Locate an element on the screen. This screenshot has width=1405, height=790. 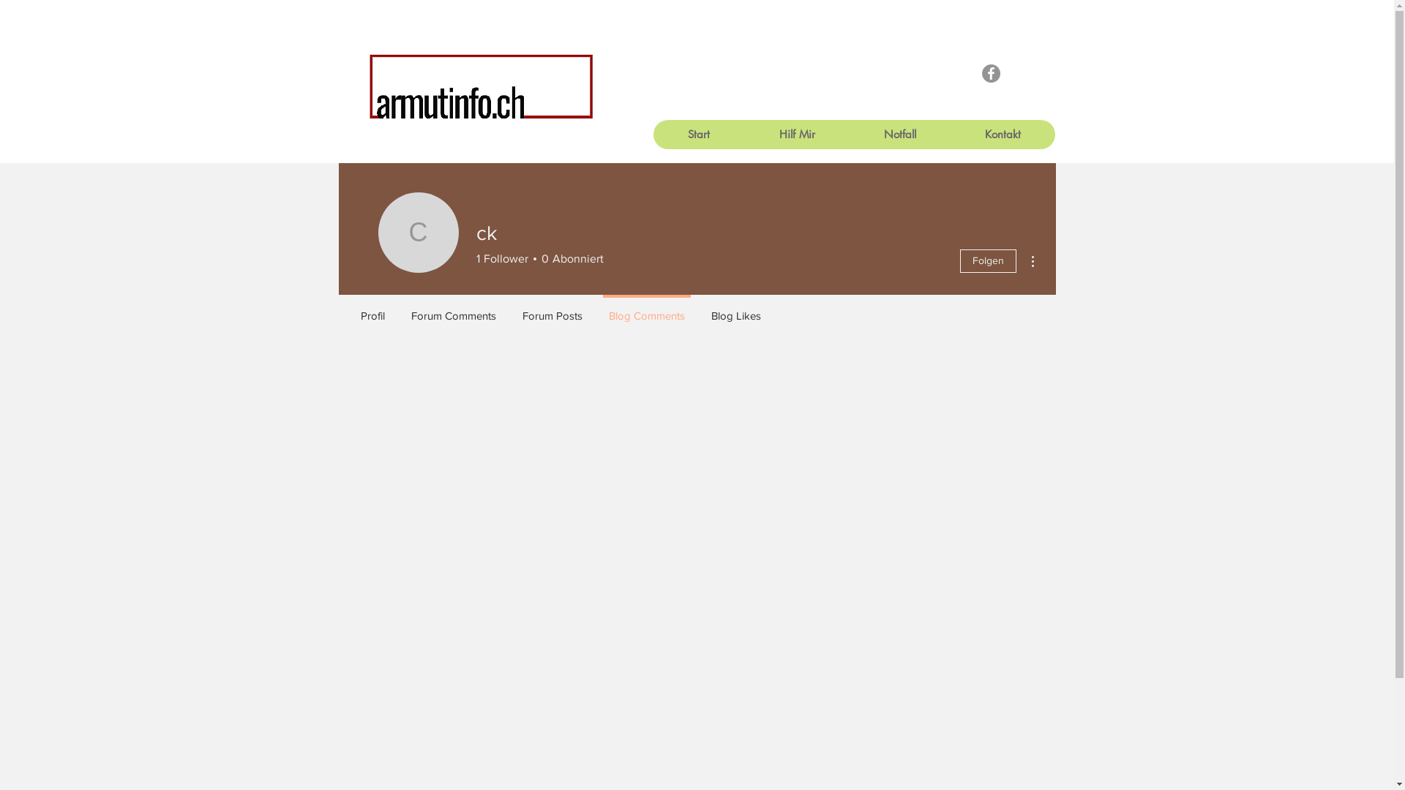
'Notfall' is located at coordinates (898, 135).